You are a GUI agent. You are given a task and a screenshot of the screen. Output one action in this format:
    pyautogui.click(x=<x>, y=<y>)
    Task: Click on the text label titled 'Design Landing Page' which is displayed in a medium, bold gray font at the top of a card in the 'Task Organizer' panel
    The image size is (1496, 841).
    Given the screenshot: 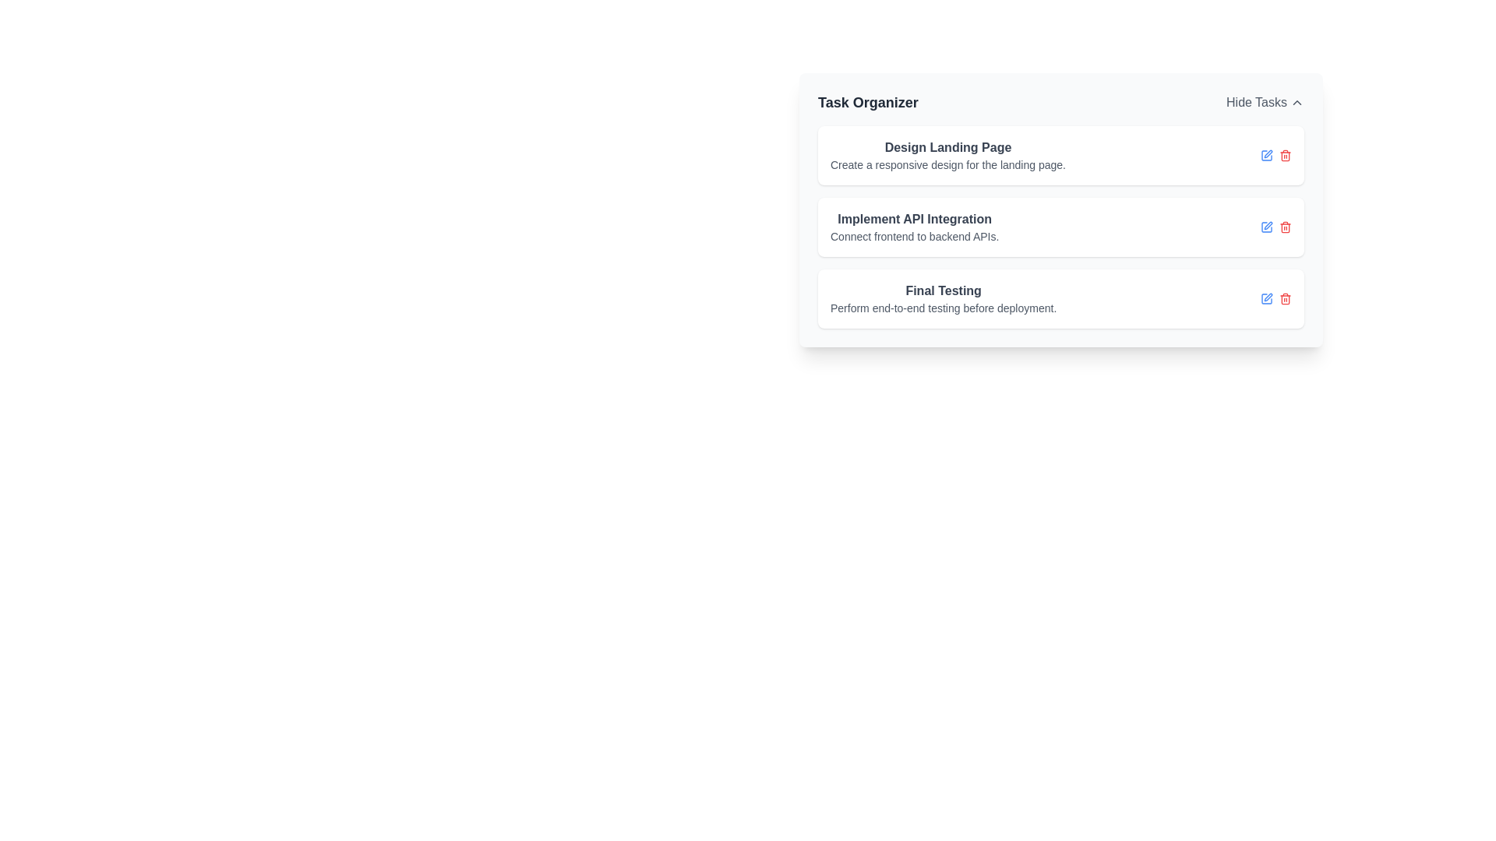 What is the action you would take?
    pyautogui.click(x=947, y=147)
    